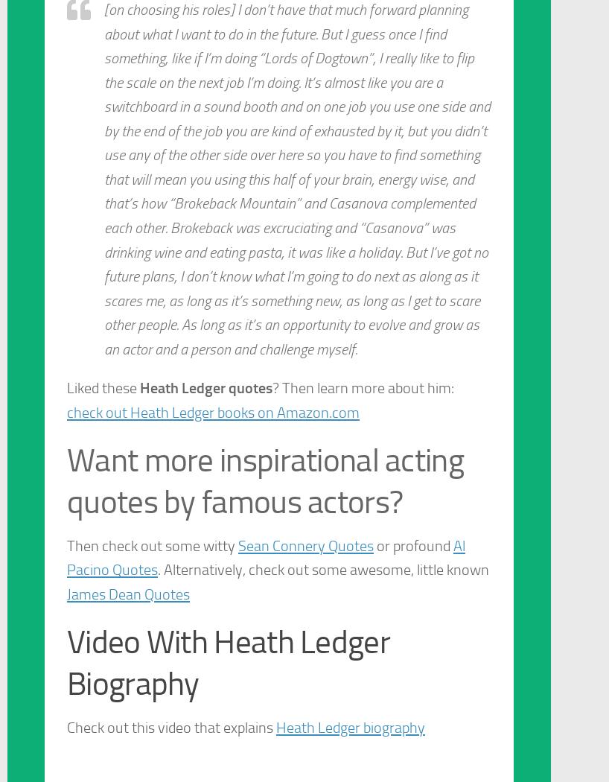  What do you see at coordinates (304, 544) in the screenshot?
I see `'Sean Connery Quotes'` at bounding box center [304, 544].